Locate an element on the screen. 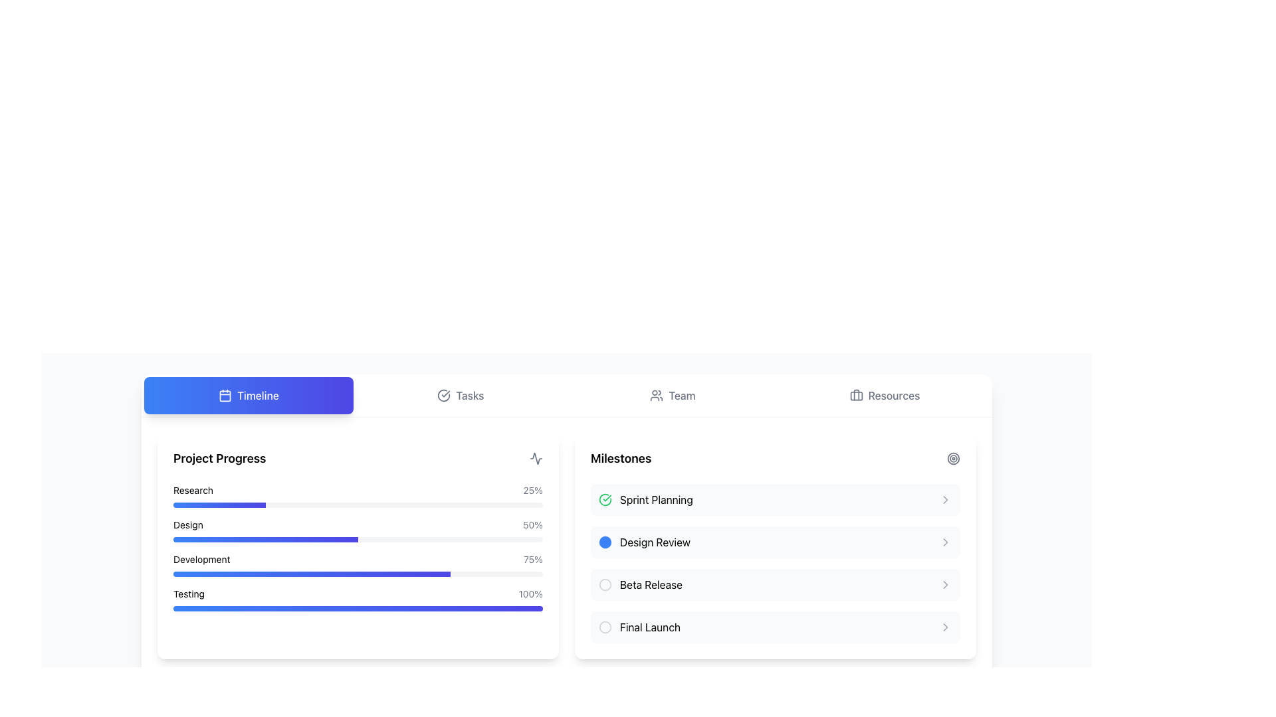 The height and width of the screenshot is (717, 1276). the Icon in the 'Milestones' section of the 'Timeline' tab, which serves as an indicator or action trigger for navigation or detailed expansion of the corresponding milestone row is located at coordinates (944, 627).